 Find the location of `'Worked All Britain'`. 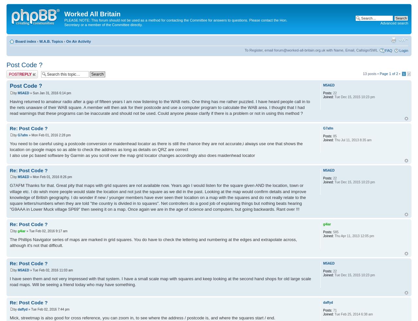

'Worked All Britain' is located at coordinates (92, 14).